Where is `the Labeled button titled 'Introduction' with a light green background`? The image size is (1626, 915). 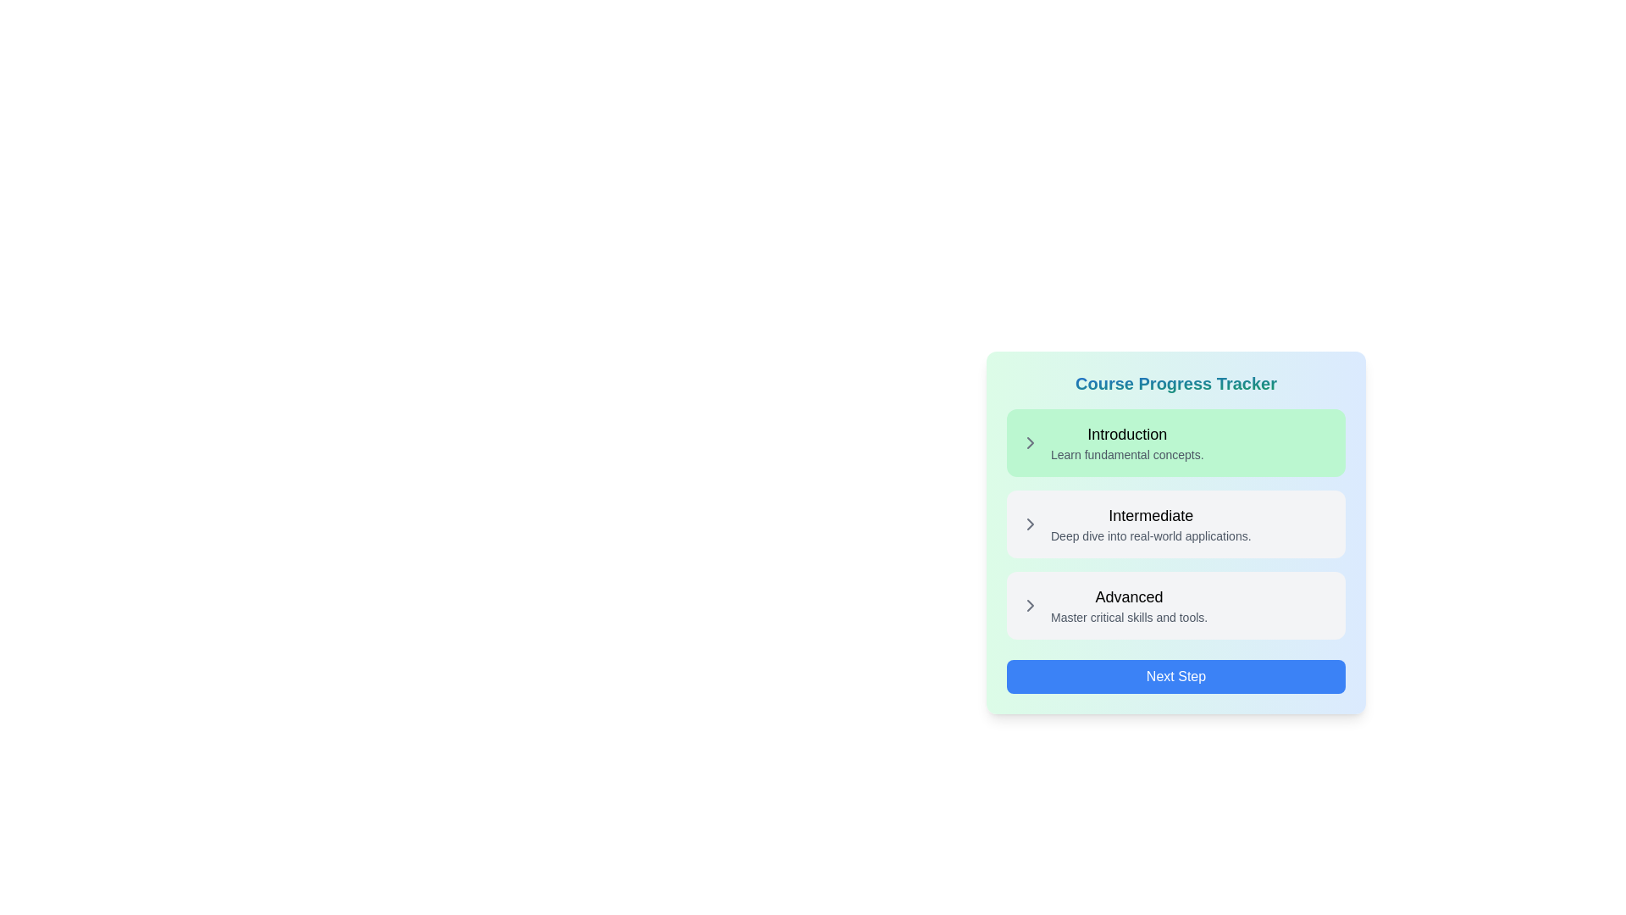 the Labeled button titled 'Introduction' with a light green background is located at coordinates (1127, 442).